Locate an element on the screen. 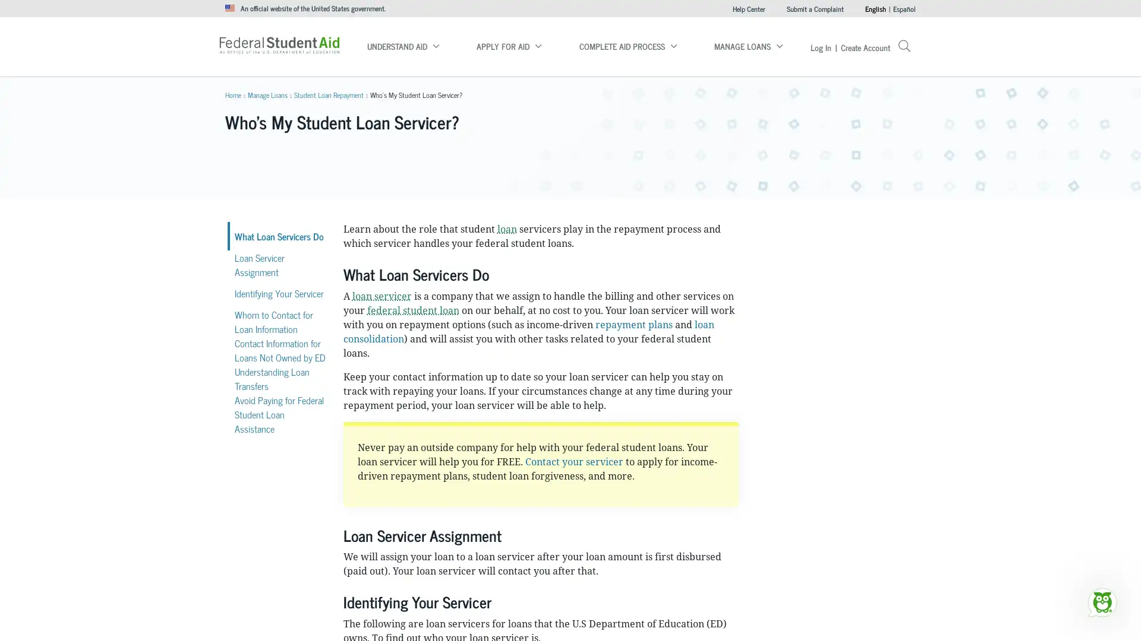  Espanol is located at coordinates (903, 9).